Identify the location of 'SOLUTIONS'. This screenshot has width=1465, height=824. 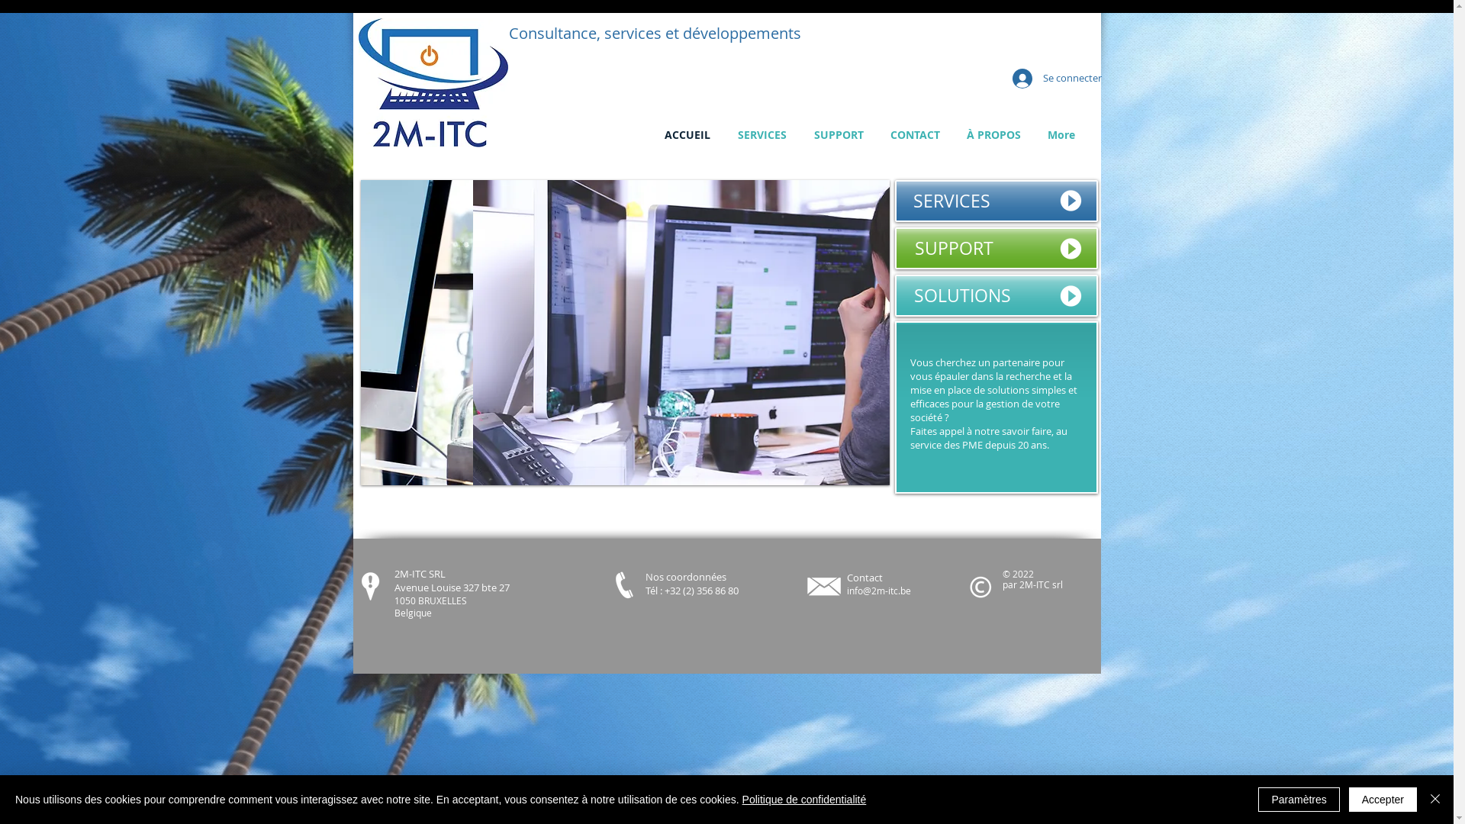
(996, 295).